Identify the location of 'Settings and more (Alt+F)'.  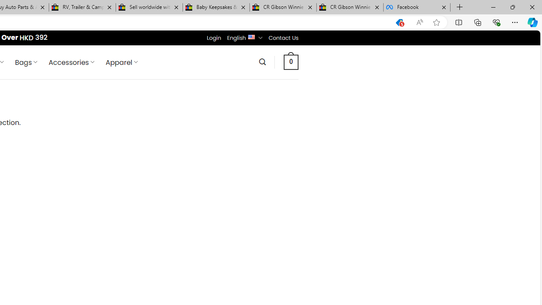
(514, 22).